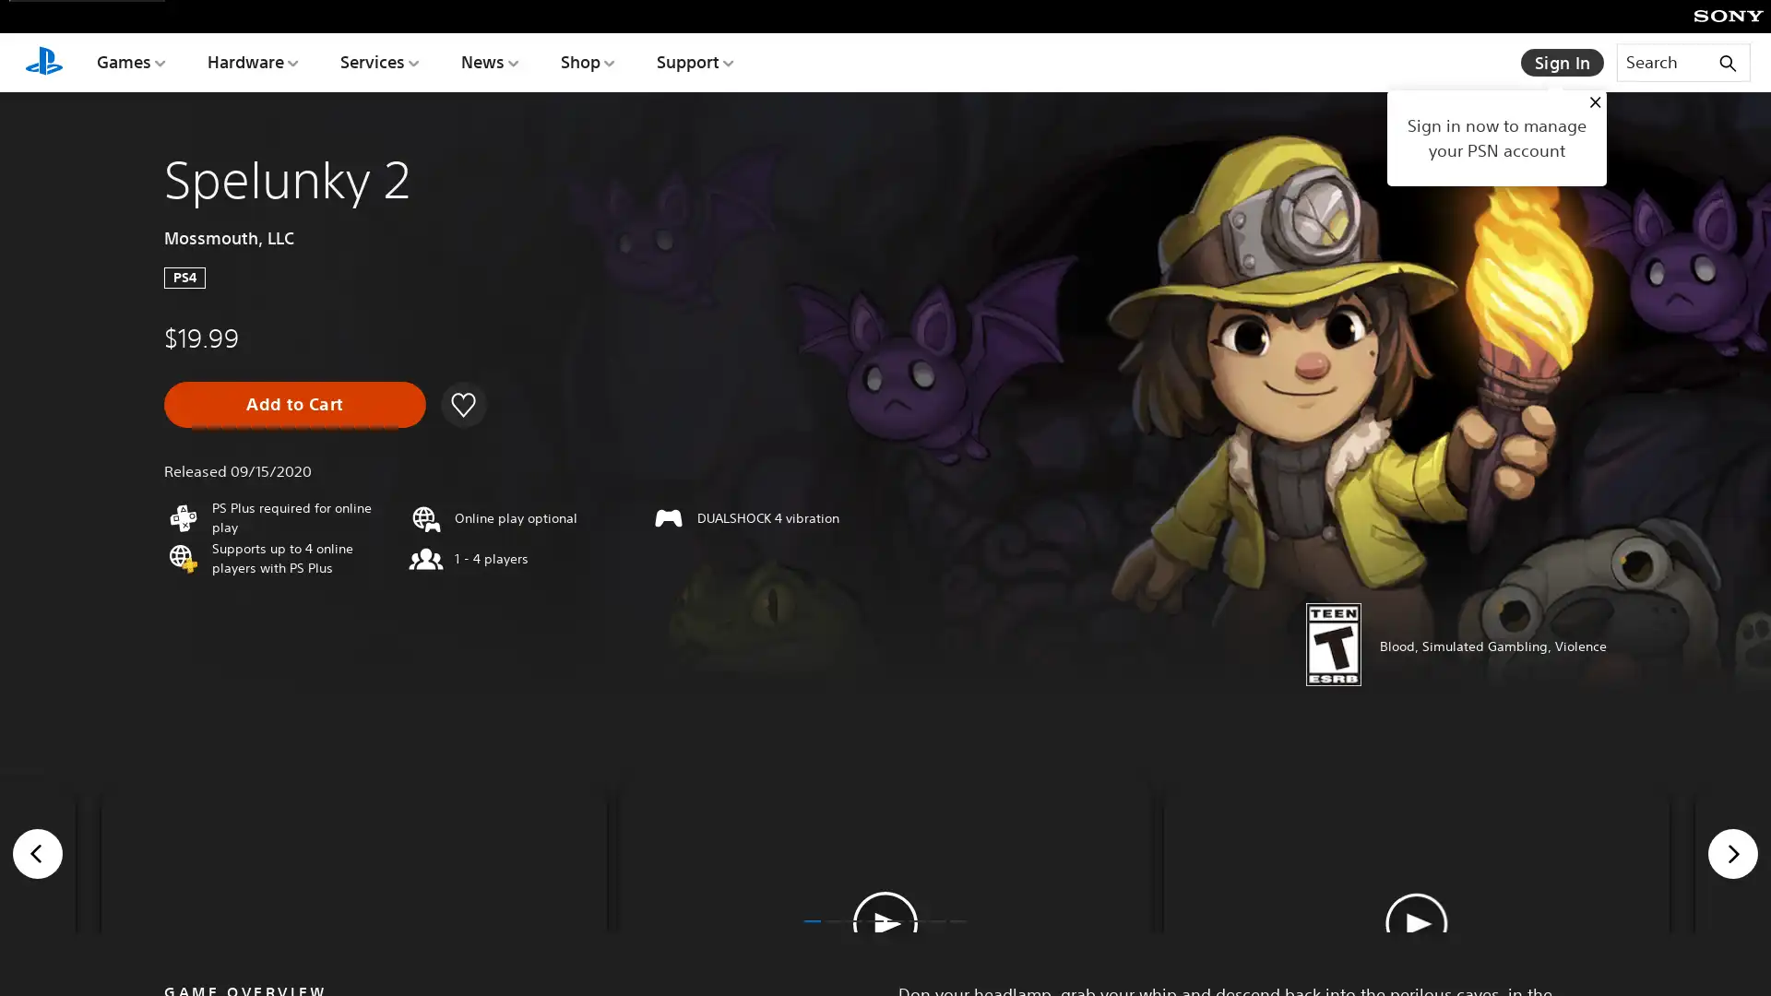 Image resolution: width=1771 pixels, height=996 pixels. I want to click on Add to Wishlist, so click(464, 403).